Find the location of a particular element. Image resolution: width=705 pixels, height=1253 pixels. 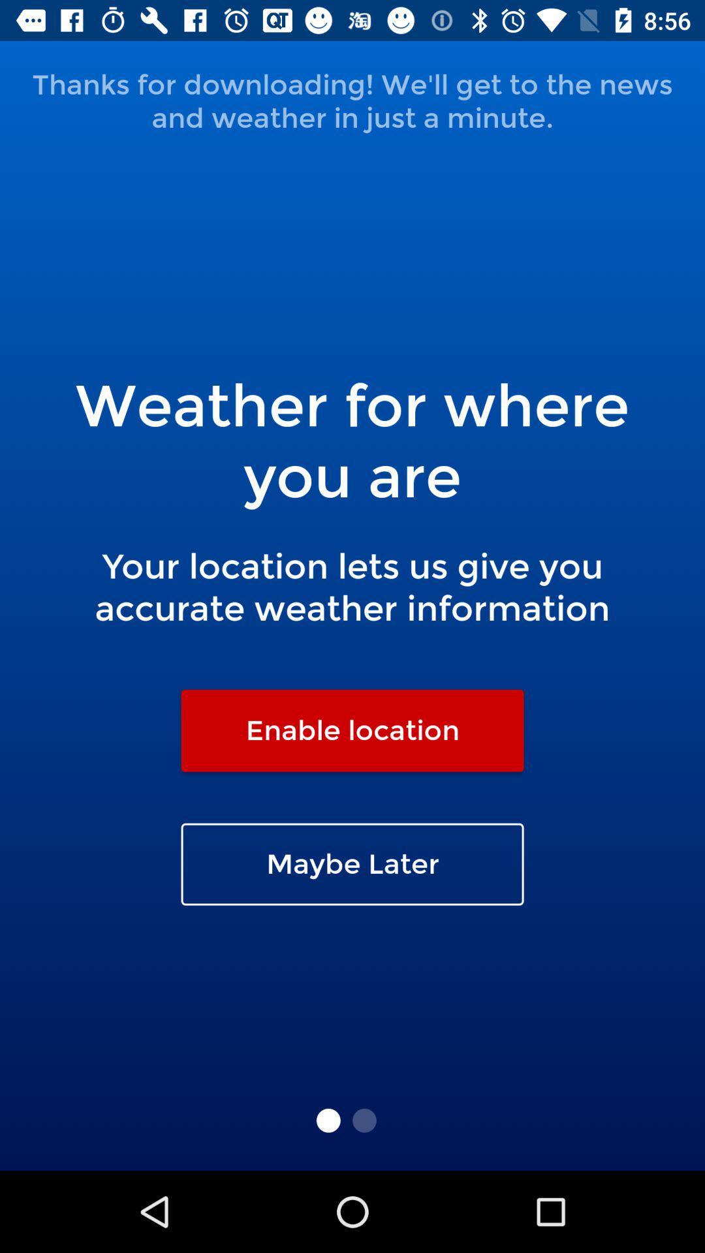

the maybe later icon is located at coordinates (352, 864).